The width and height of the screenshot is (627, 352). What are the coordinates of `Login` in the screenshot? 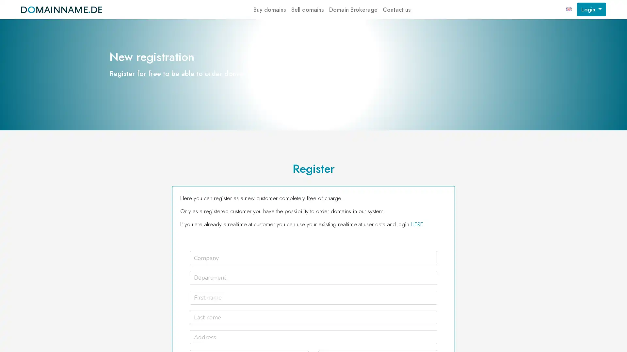 It's located at (591, 9).